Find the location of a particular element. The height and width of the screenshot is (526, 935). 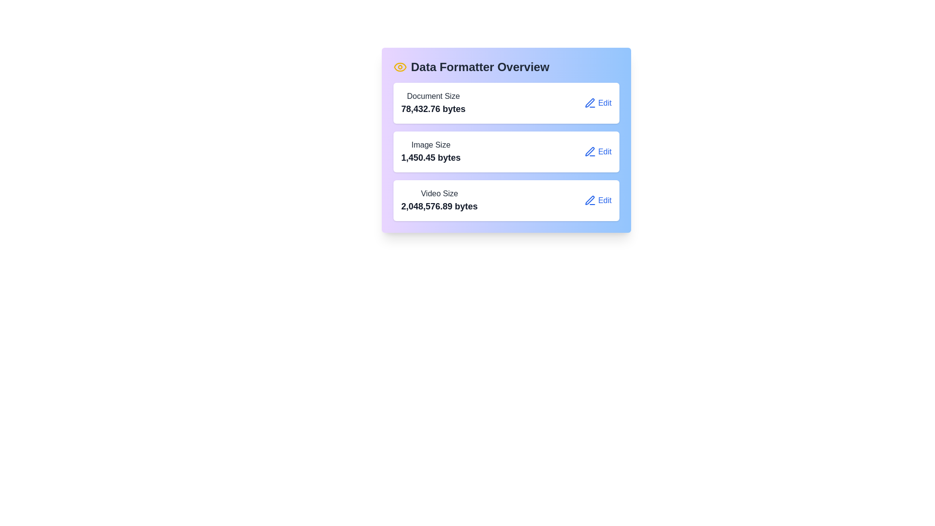

the first blue pen icon located to the left of the 'Edit' label in the 'Document Size' field is located at coordinates (590, 103).